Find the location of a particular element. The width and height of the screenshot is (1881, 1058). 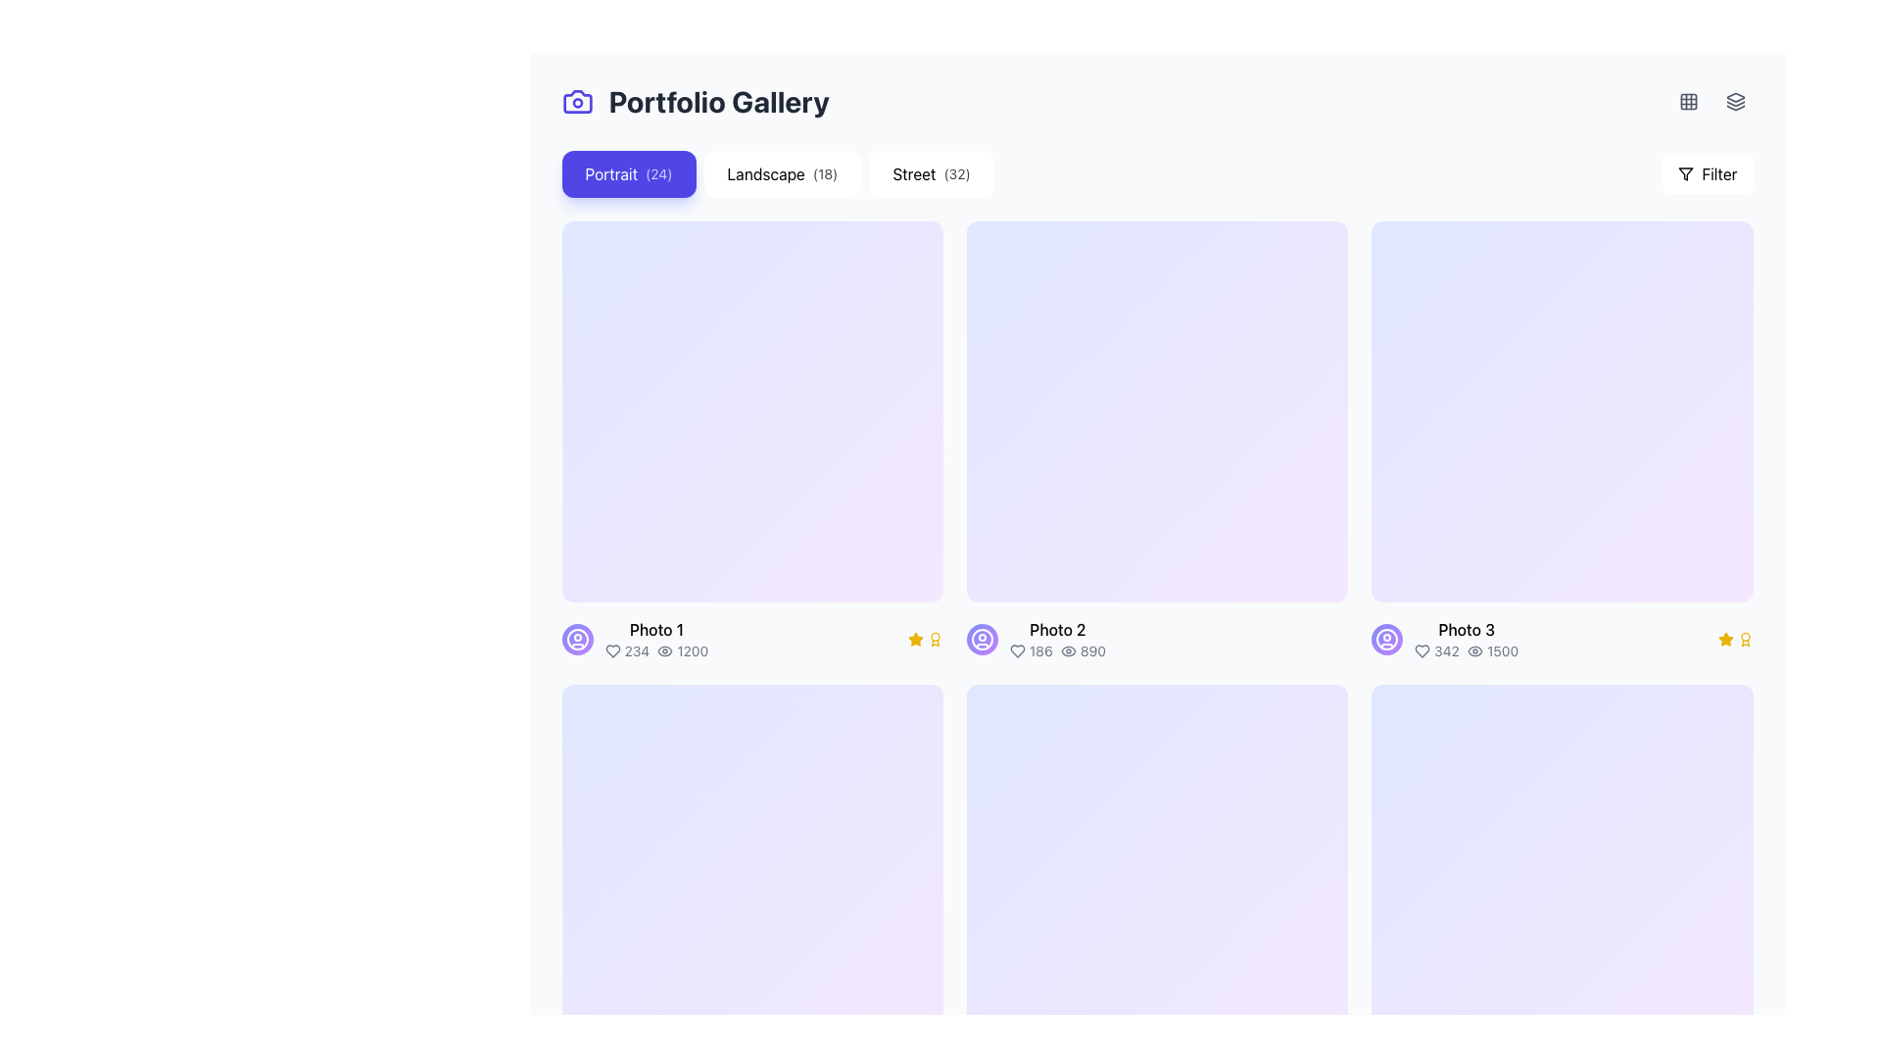

the heart and eye icons associated with the likes and views numerical information displayed below 'Photo 3' in the third column of the grid layout is located at coordinates (1467, 651).